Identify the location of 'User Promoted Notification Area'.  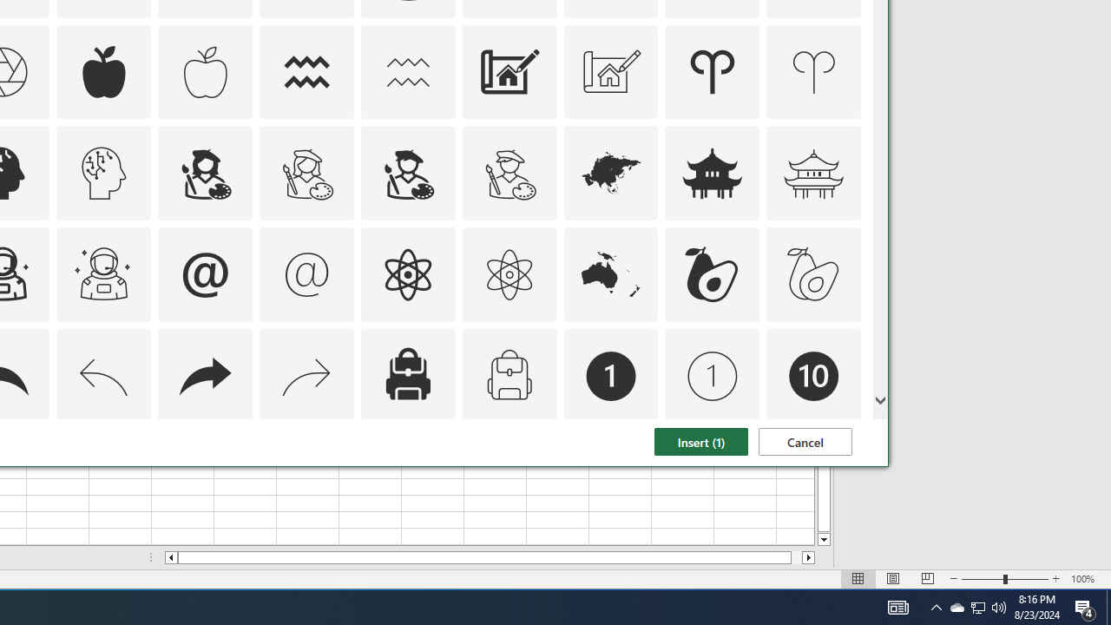
(978, 606).